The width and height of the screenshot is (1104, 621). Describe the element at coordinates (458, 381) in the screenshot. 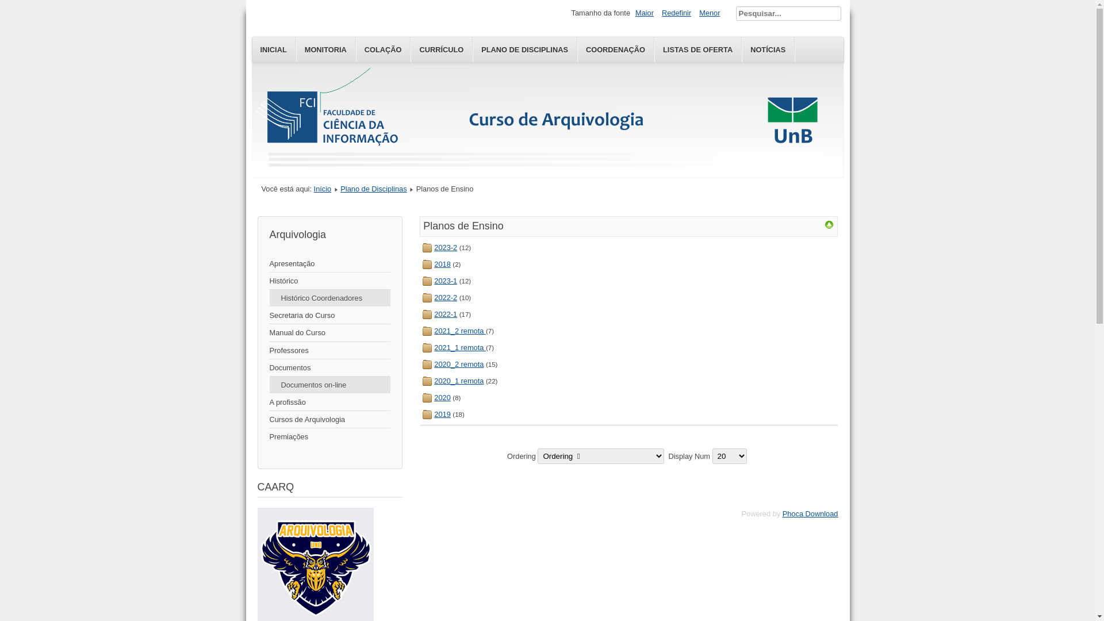

I see `'2020_1 remota'` at that location.